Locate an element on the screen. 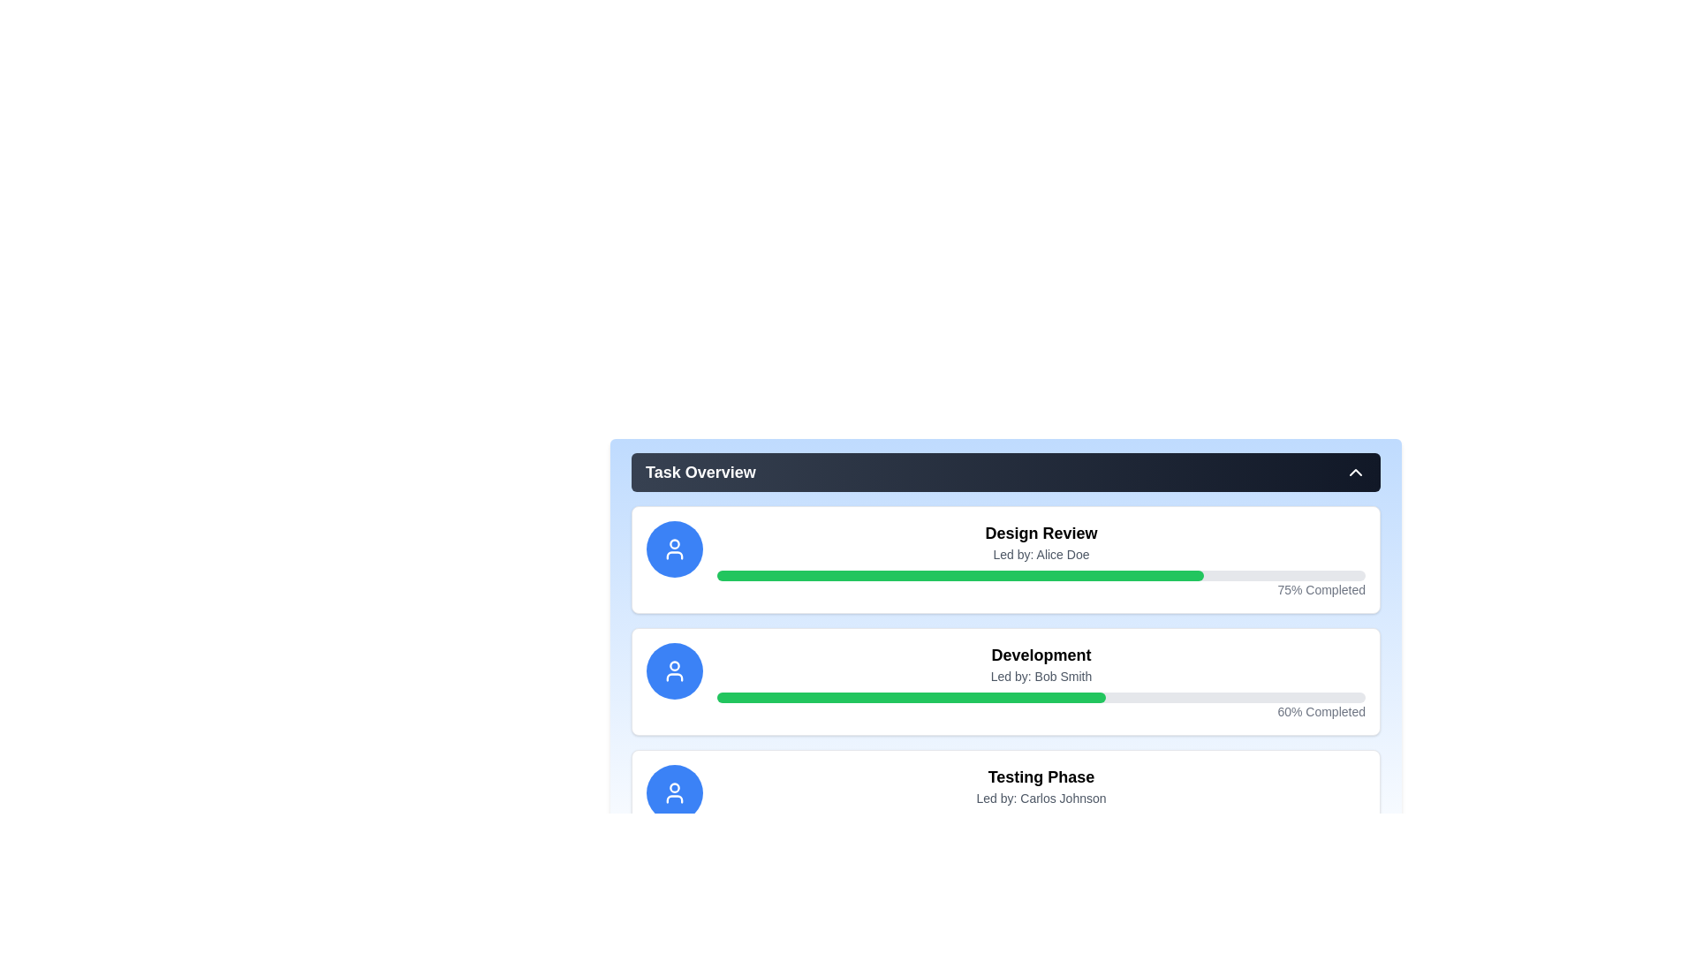 Image resolution: width=1696 pixels, height=954 pixels. progress information displayed in the Task panel located at the bottom of the task list, which shows the phase's title, leader, and completion percentage is located at coordinates (1005, 804).